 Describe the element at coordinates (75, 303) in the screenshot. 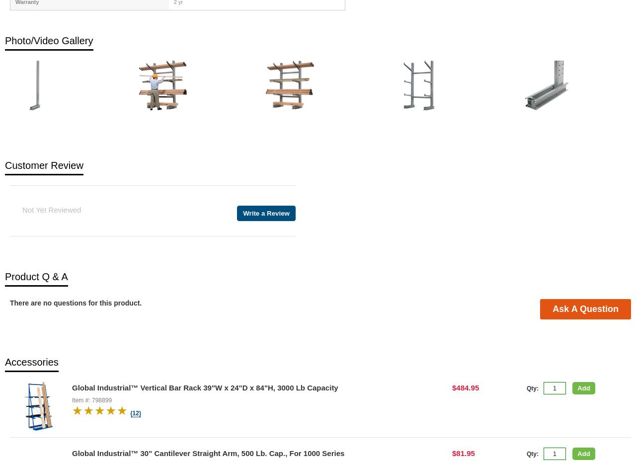

I see `'There are no questions for this product.'` at that location.